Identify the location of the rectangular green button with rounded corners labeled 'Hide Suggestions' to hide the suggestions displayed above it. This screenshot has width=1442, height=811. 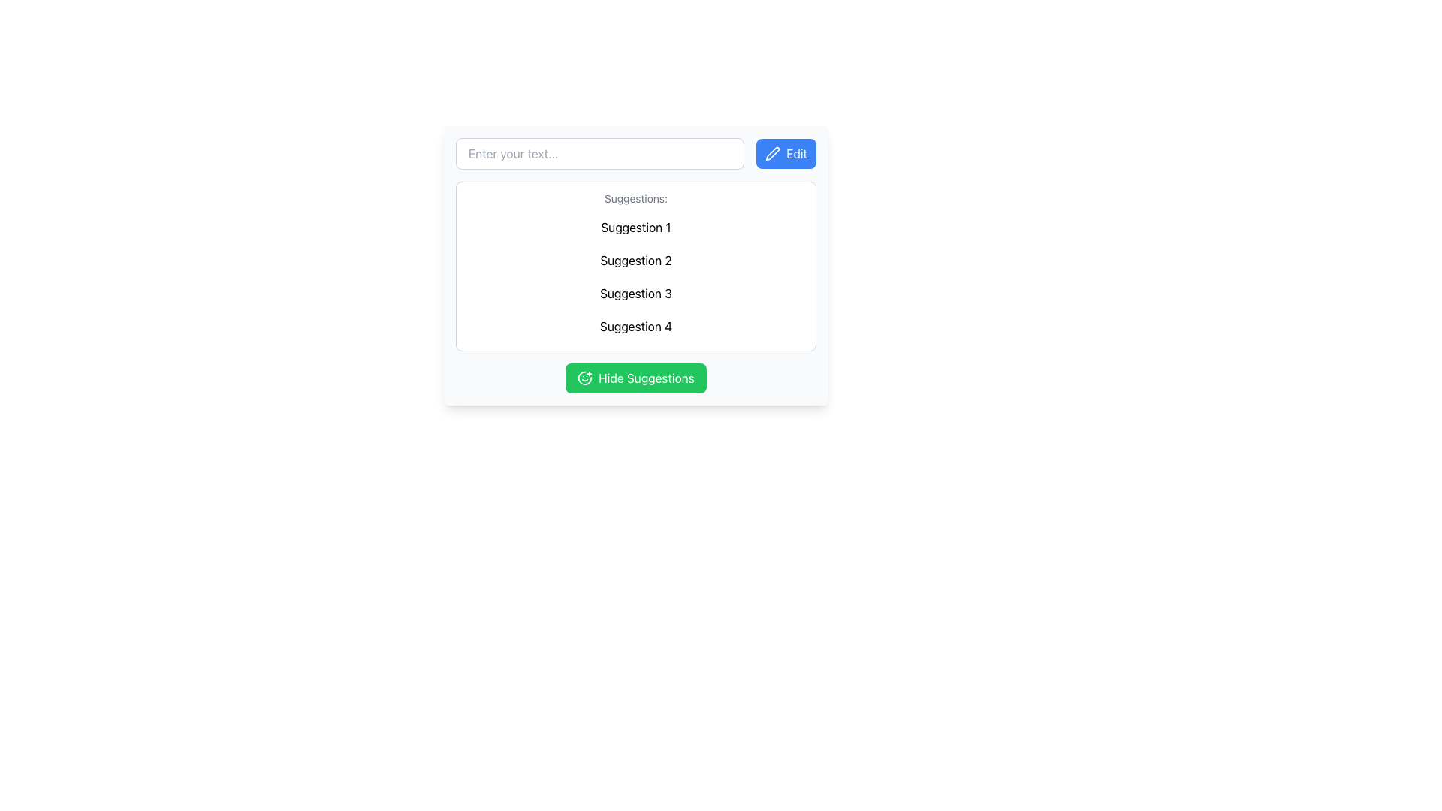
(635, 378).